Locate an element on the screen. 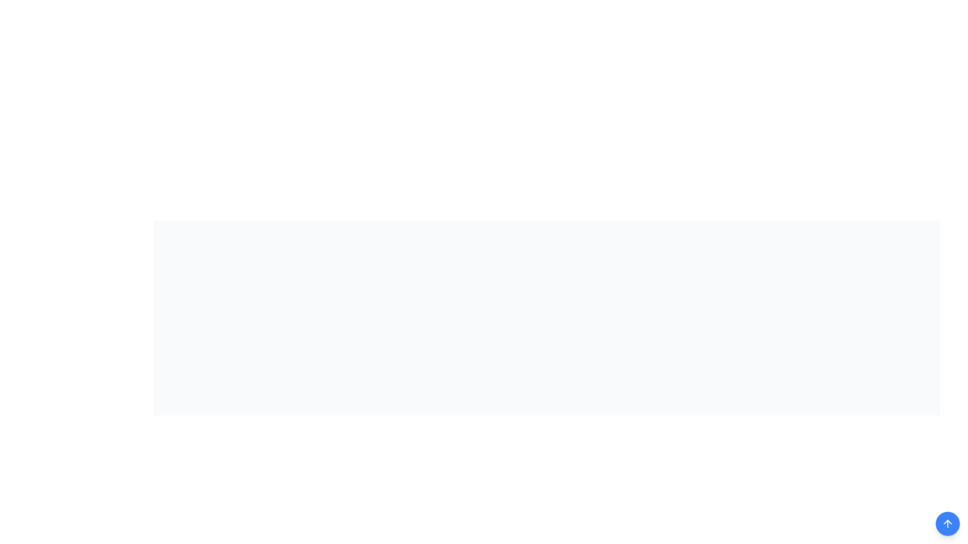 This screenshot has height=544, width=968. the circular blue button with a white upward-pointing arrow icon is located at coordinates (947, 523).